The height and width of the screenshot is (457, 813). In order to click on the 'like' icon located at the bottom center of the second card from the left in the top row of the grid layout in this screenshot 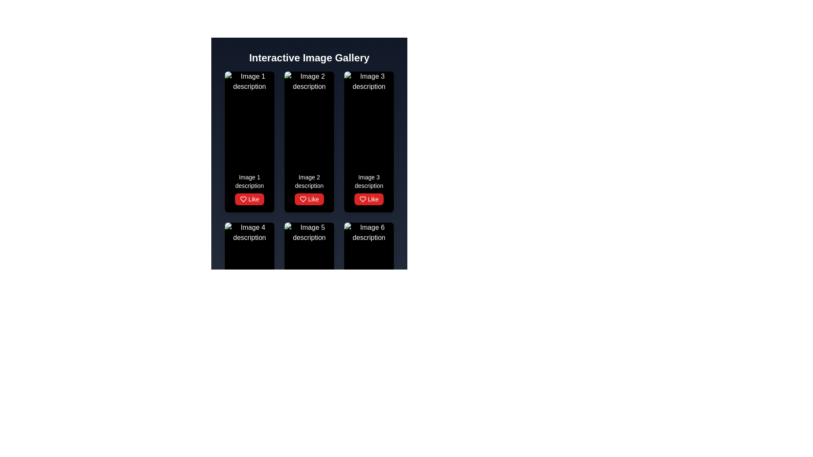, I will do `click(243, 199)`.